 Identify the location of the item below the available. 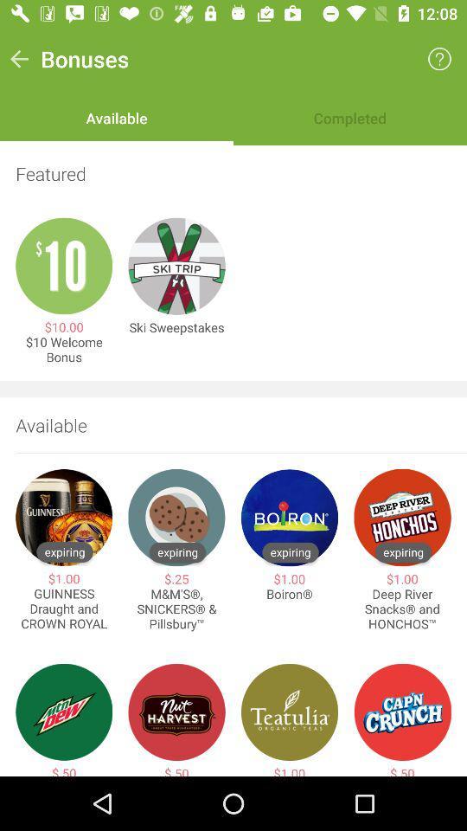
(233, 173).